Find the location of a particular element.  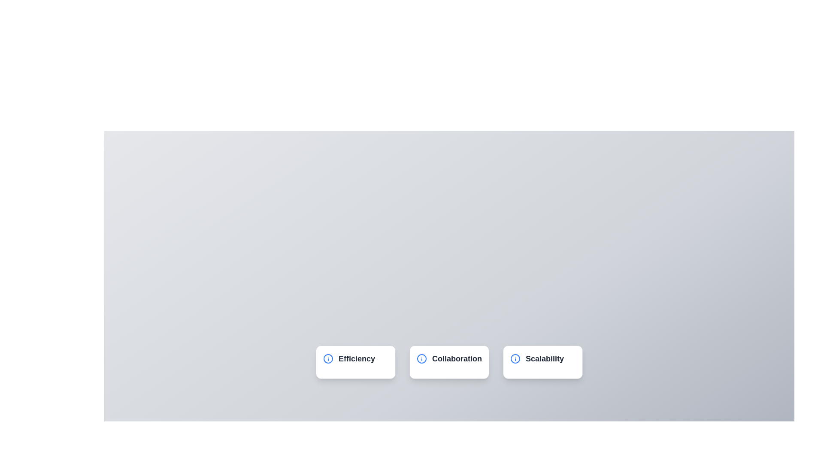

the decorative or informative icon that is positioned directly to the left of the text label 'Collaboration' is located at coordinates (422, 359).